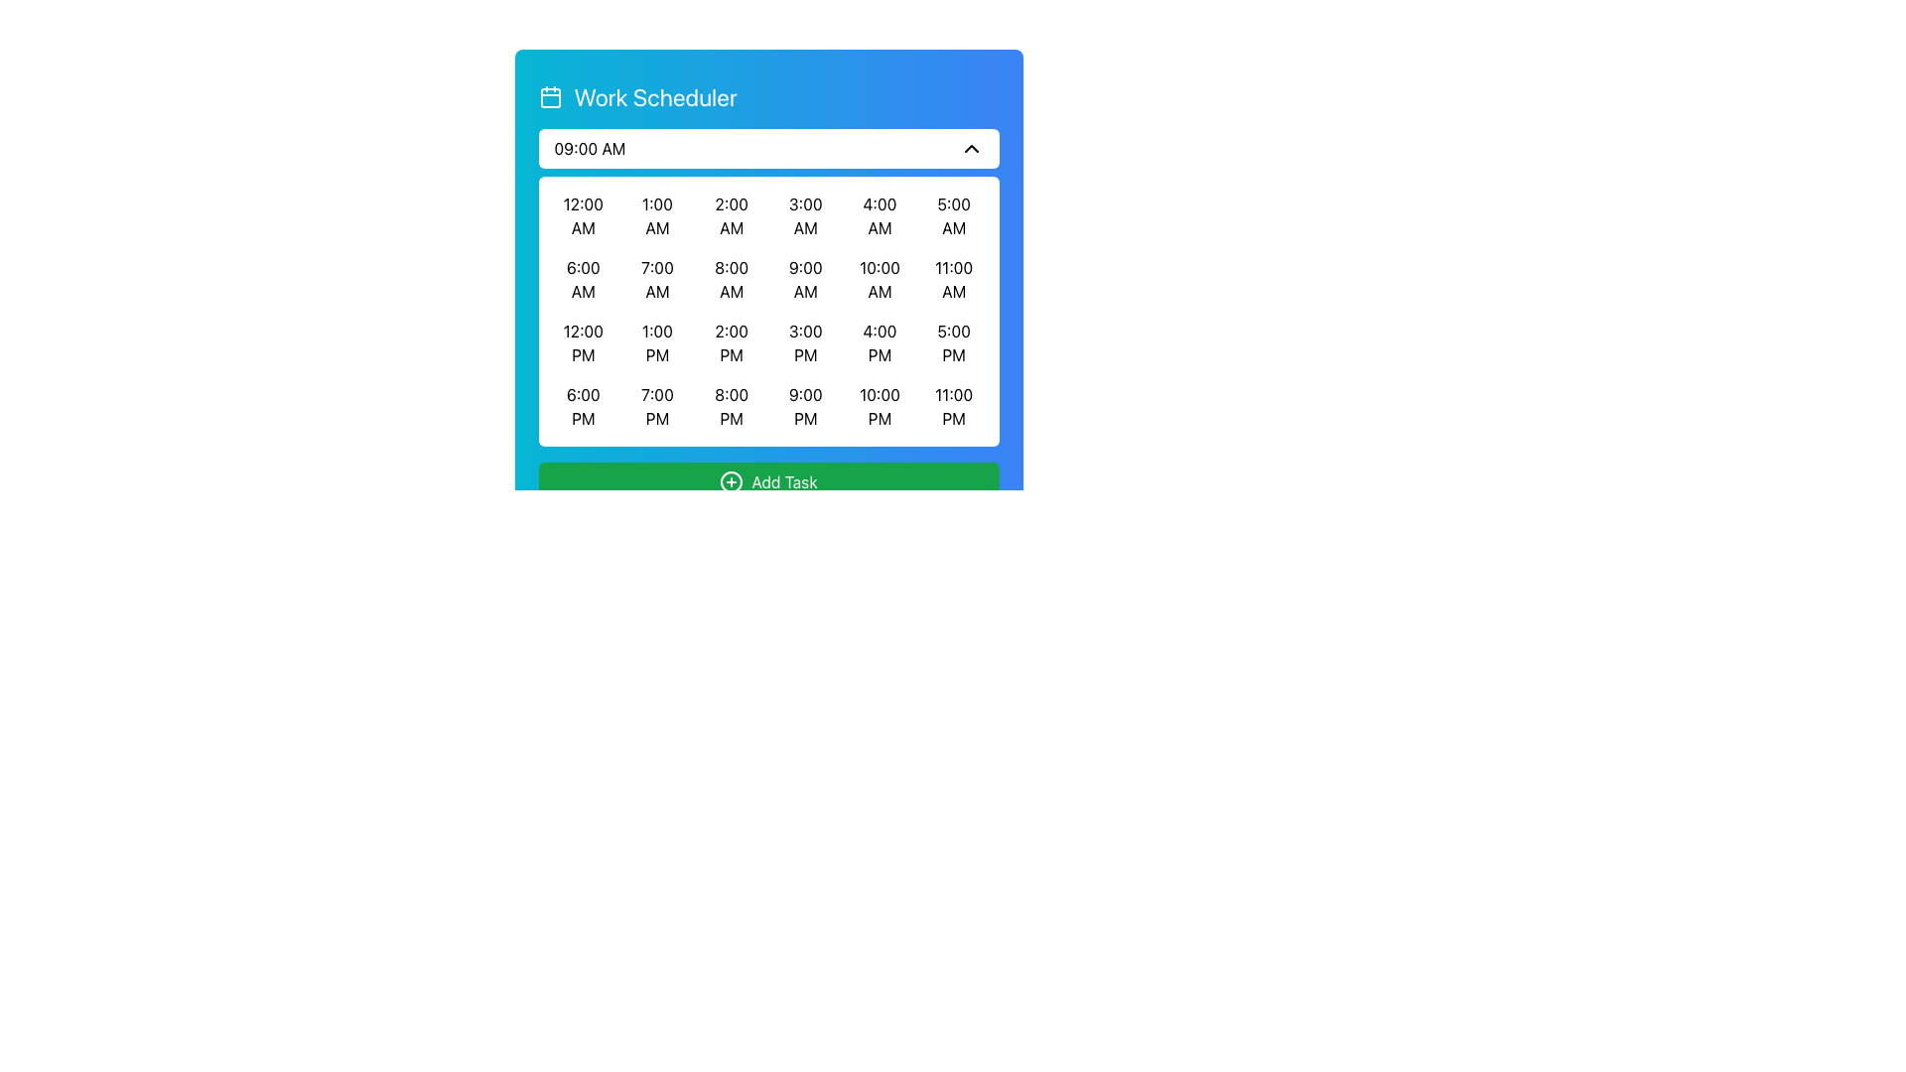 This screenshot has width=1906, height=1072. I want to click on the interactive text label displaying '10:00 PM' in the schedule interface, so click(879, 405).